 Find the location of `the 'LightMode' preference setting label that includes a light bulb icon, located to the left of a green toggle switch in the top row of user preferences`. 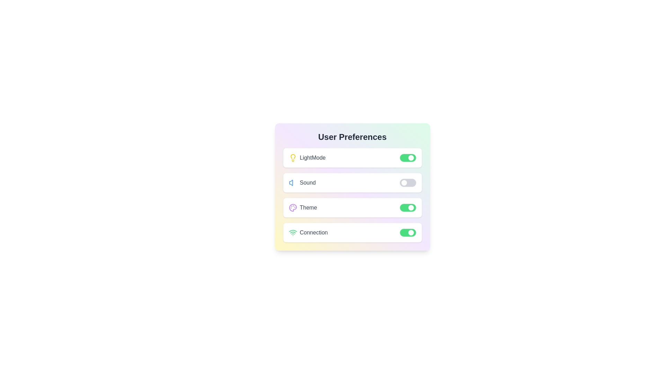

the 'LightMode' preference setting label that includes a light bulb icon, located to the left of a green toggle switch in the top row of user preferences is located at coordinates (307, 158).